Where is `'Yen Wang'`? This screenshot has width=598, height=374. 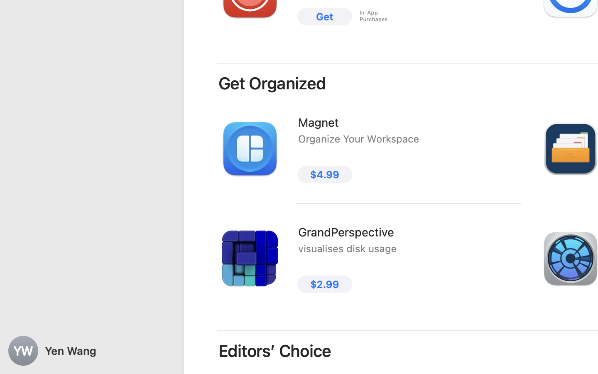
'Yen Wang' is located at coordinates (91, 351).